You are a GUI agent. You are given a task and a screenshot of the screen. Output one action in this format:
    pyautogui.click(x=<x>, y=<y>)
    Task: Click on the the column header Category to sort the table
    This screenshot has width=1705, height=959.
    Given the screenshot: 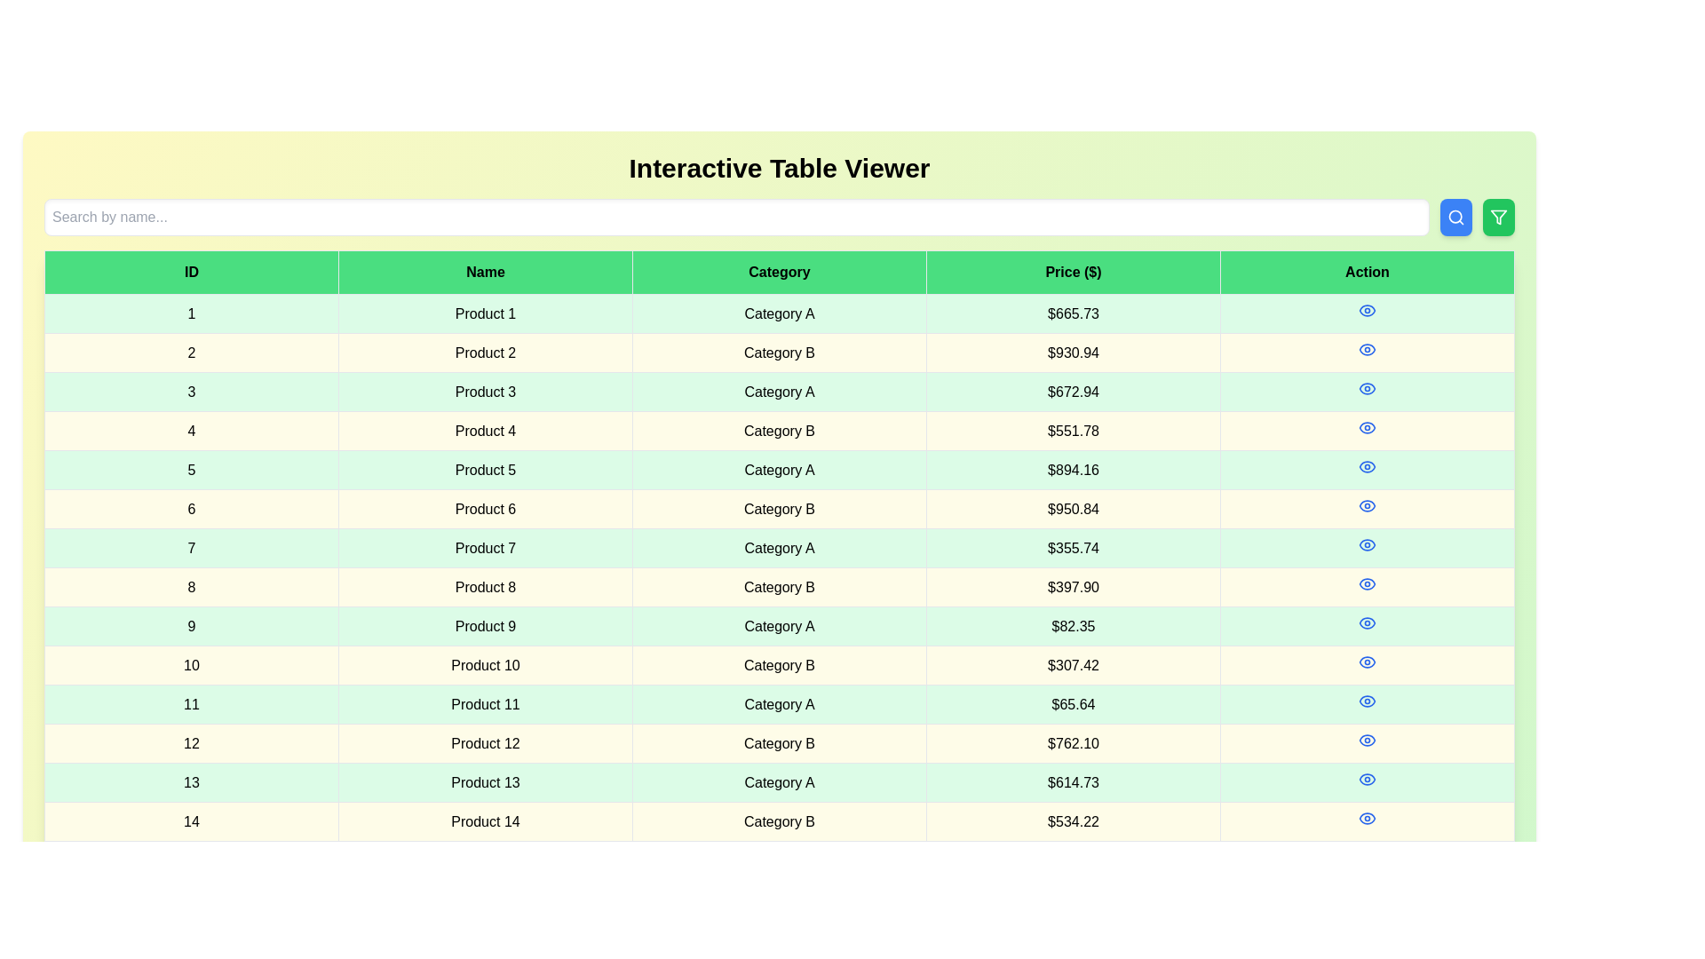 What is the action you would take?
    pyautogui.click(x=780, y=273)
    